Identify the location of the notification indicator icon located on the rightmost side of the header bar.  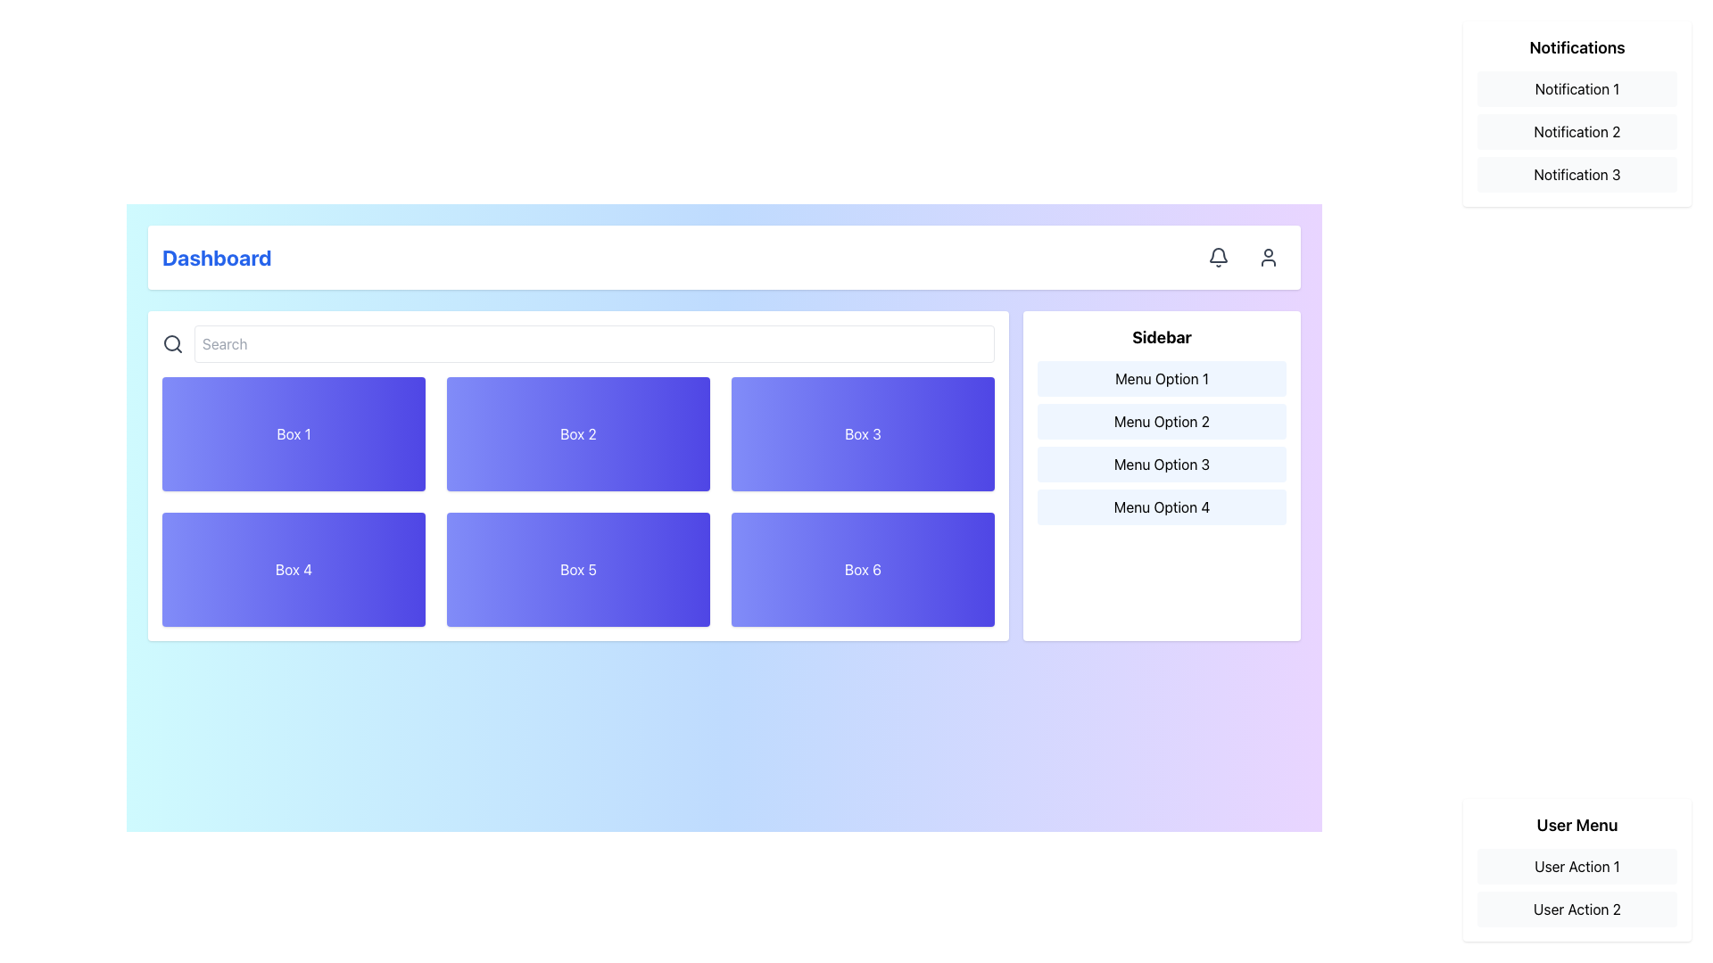
(1218, 258).